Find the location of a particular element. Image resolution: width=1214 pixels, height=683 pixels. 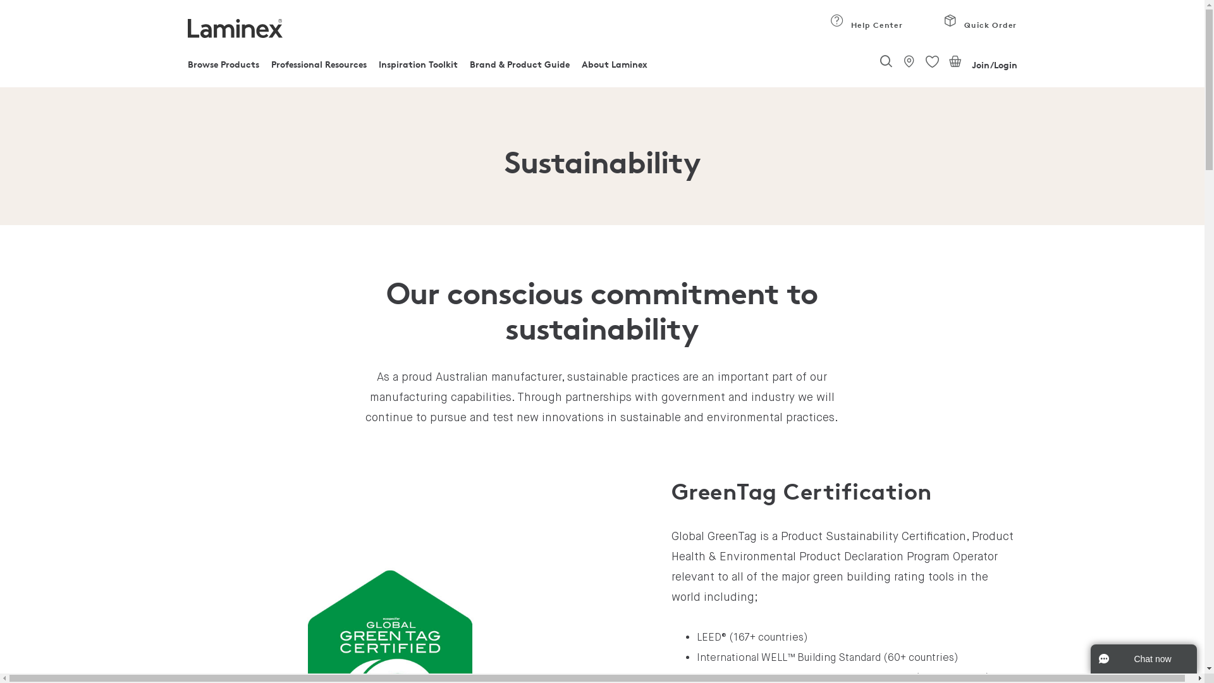

'Quick Order' is located at coordinates (950, 21).